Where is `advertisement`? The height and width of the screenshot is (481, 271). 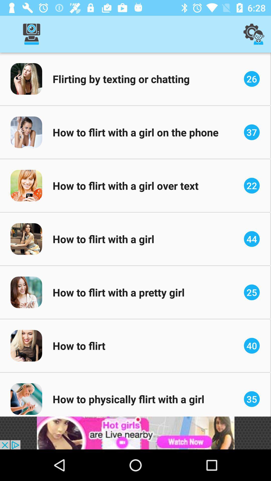
advertisement is located at coordinates (135, 433).